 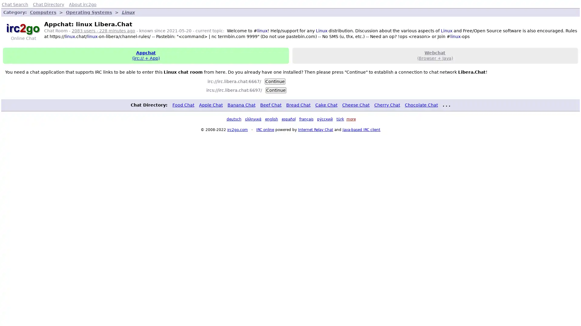 I want to click on Continue, so click(x=276, y=90).